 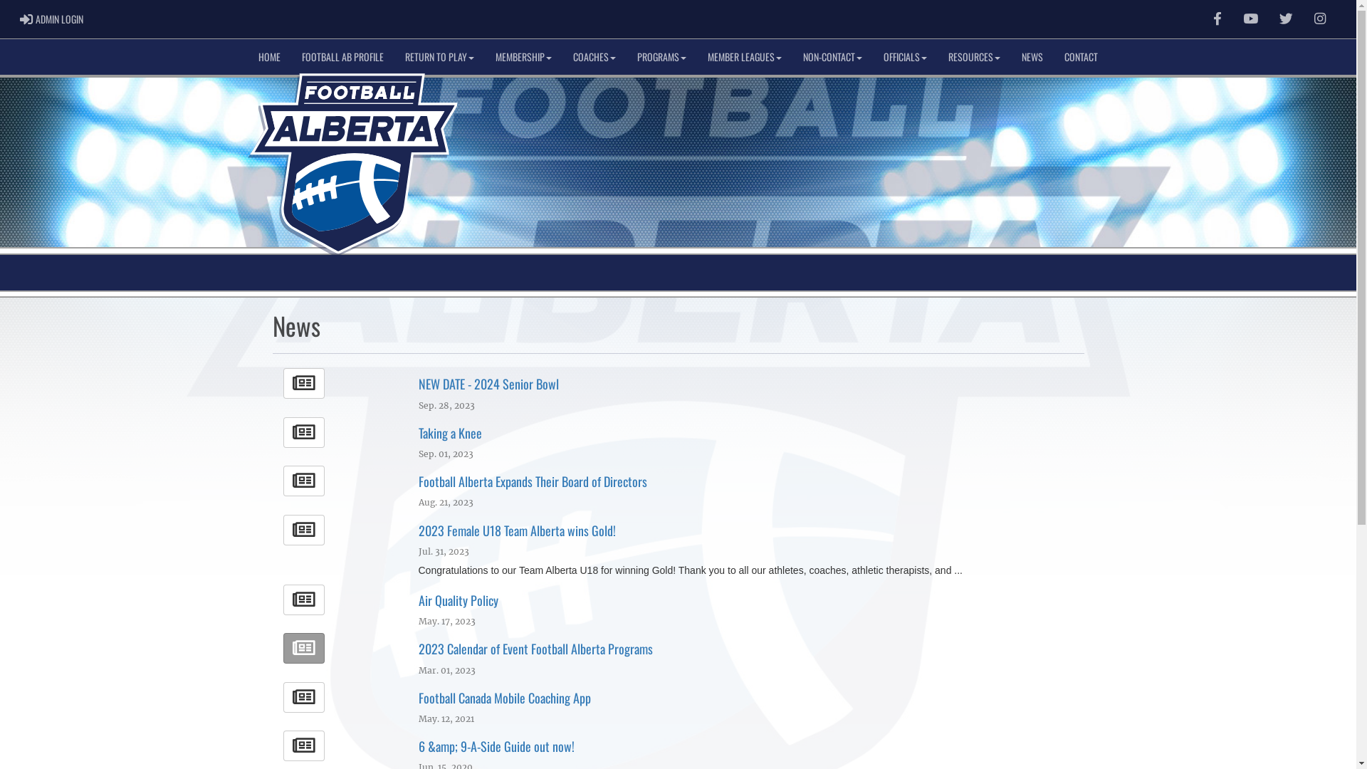 What do you see at coordinates (20, 19) in the screenshot?
I see `'Login Page'` at bounding box center [20, 19].